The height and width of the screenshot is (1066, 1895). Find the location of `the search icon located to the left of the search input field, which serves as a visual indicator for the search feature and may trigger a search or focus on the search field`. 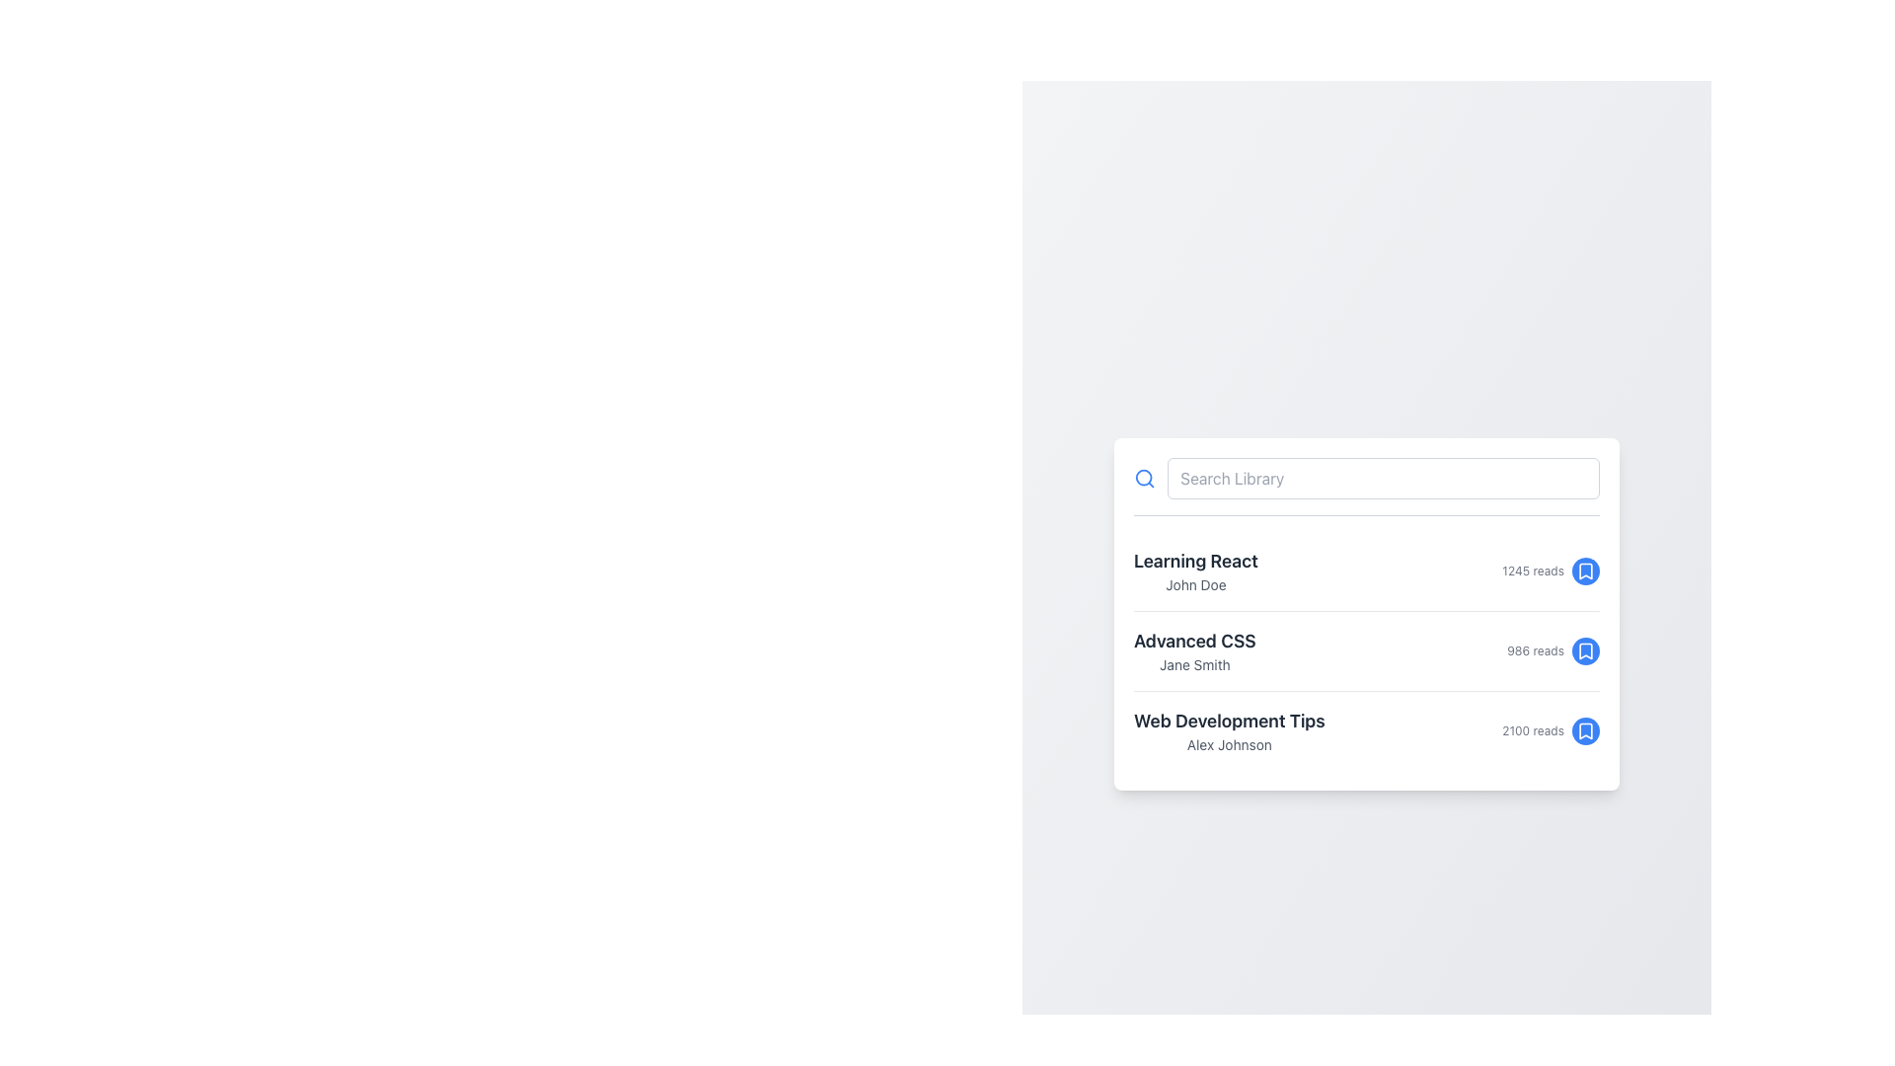

the search icon located to the left of the search input field, which serves as a visual indicator for the search feature and may trigger a search or focus on the search field is located at coordinates (1145, 478).